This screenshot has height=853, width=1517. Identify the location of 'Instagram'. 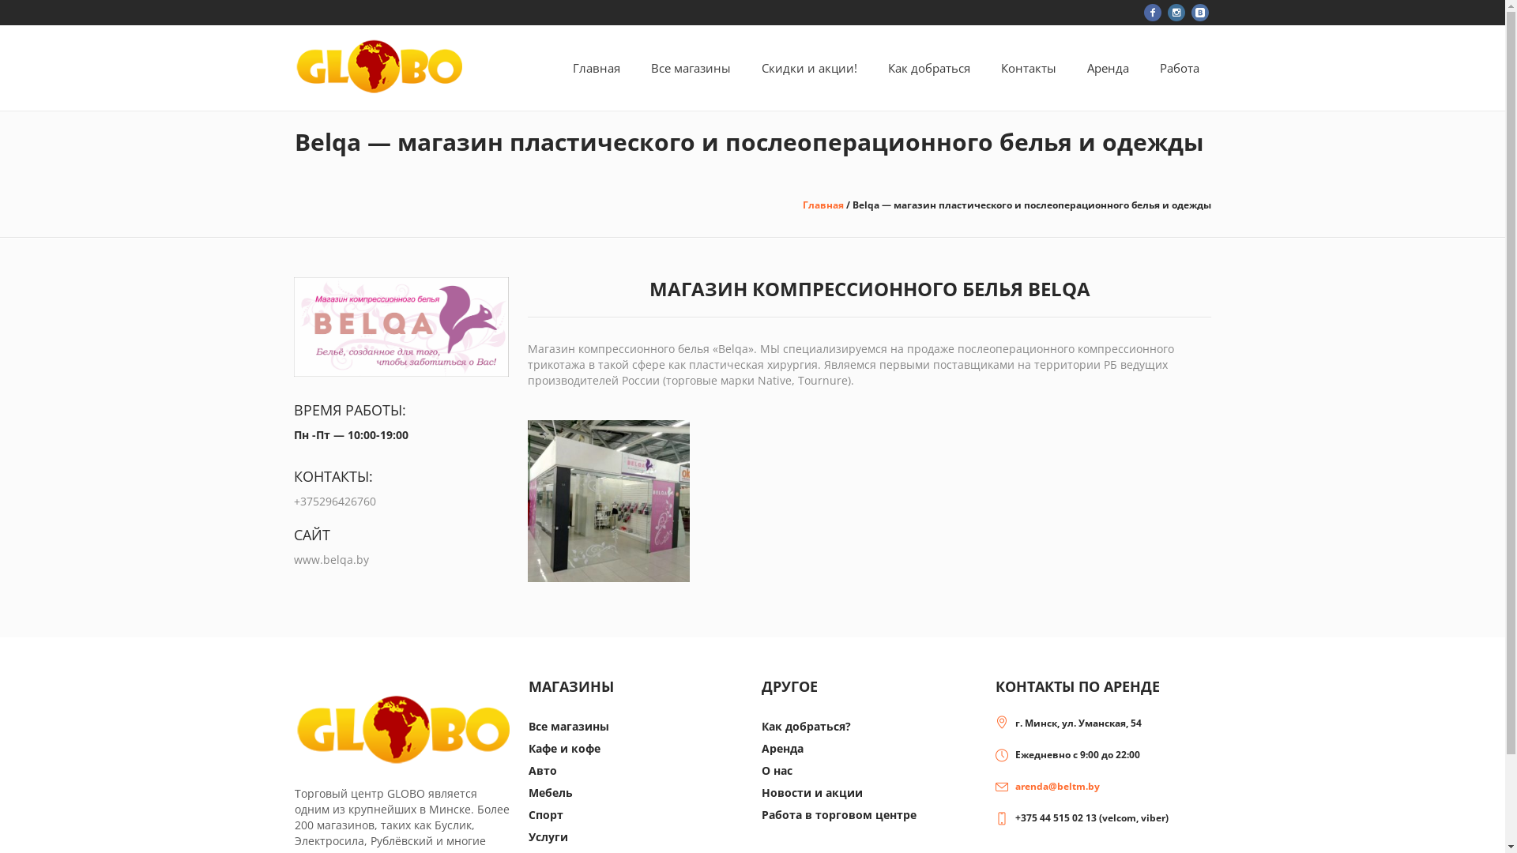
(1176, 12).